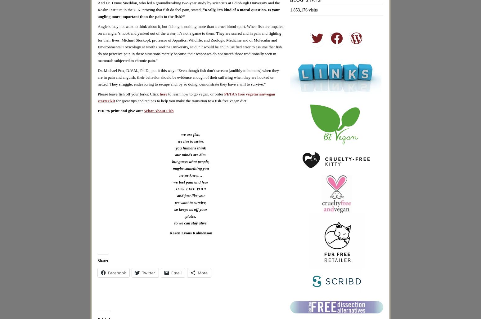 This screenshot has height=319, width=481. Describe the element at coordinates (102, 260) in the screenshot. I see `'Share:'` at that location.